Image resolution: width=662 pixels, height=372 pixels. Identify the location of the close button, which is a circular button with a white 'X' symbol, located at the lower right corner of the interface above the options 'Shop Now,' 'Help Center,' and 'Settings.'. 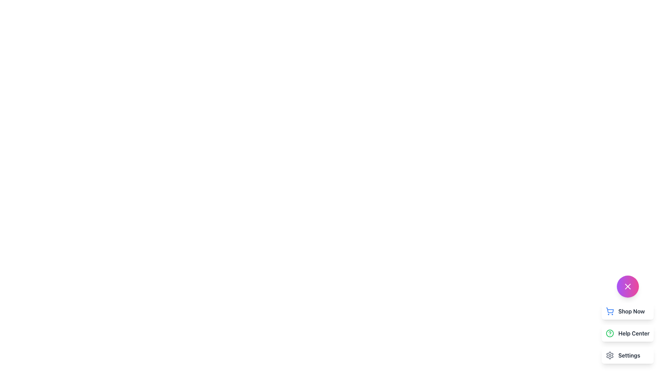
(628, 287).